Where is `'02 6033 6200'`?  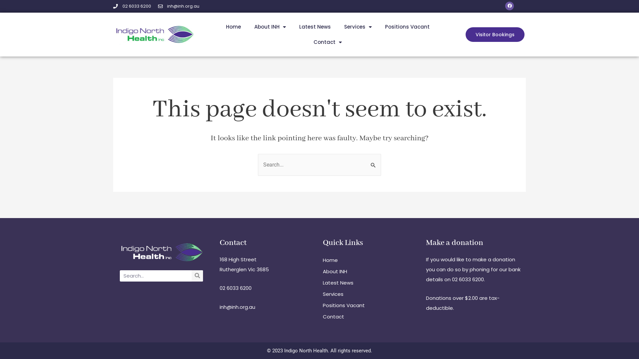 '02 6033 6200' is located at coordinates (236, 288).